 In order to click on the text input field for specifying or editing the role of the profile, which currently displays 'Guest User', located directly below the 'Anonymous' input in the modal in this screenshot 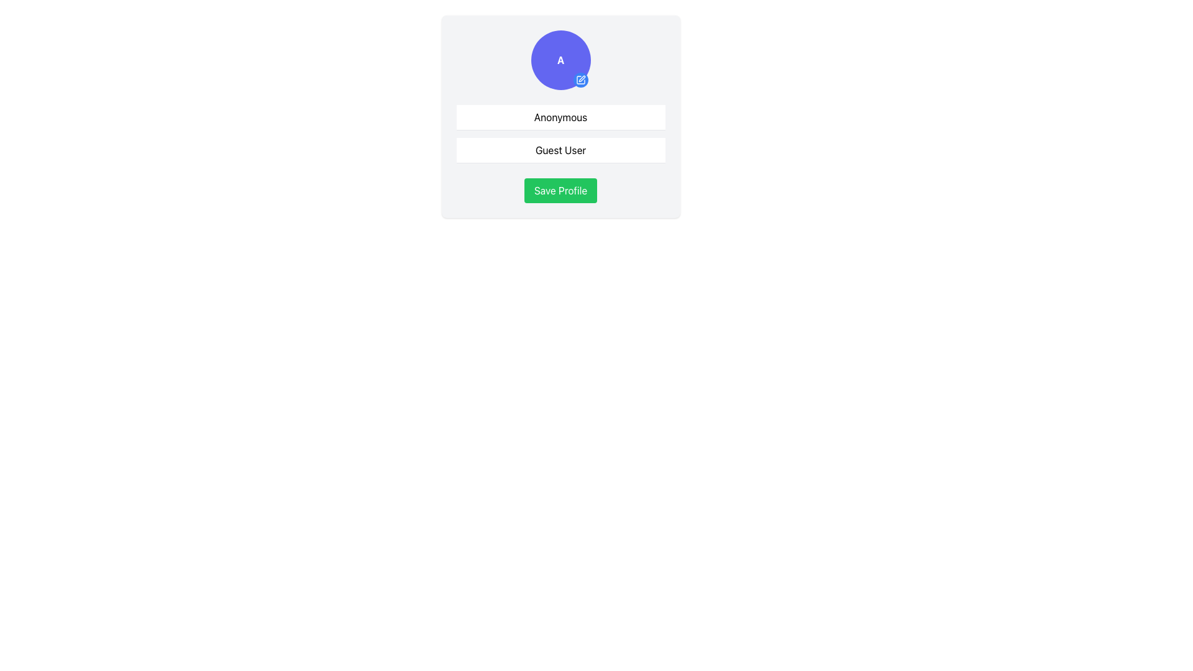, I will do `click(560, 150)`.